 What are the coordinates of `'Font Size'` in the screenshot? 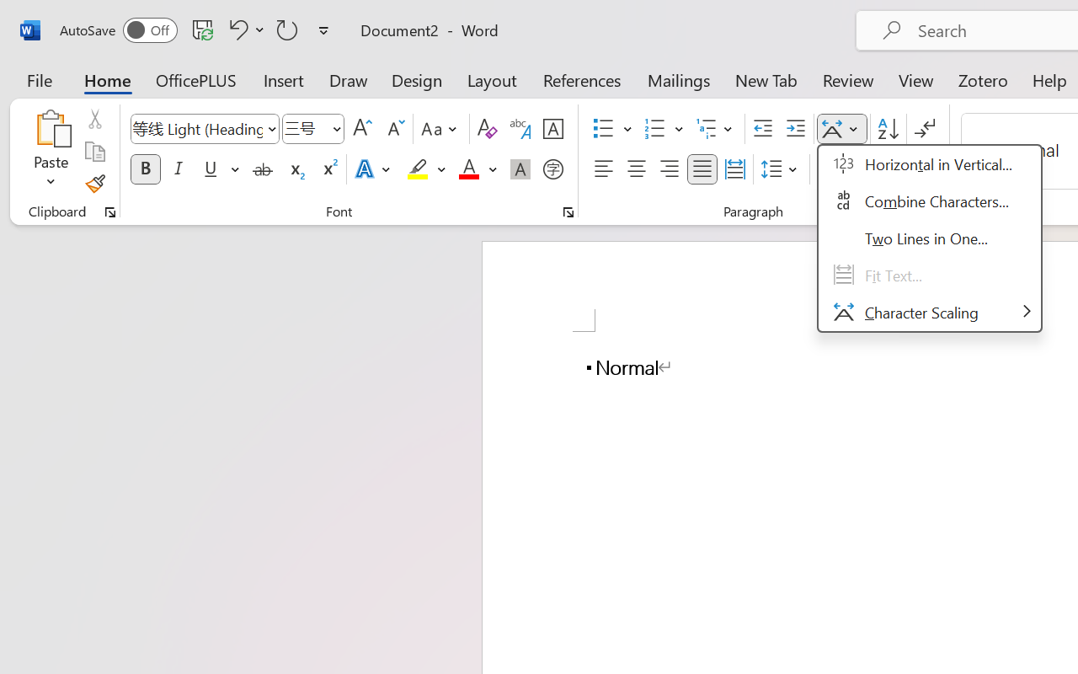 It's located at (305, 128).